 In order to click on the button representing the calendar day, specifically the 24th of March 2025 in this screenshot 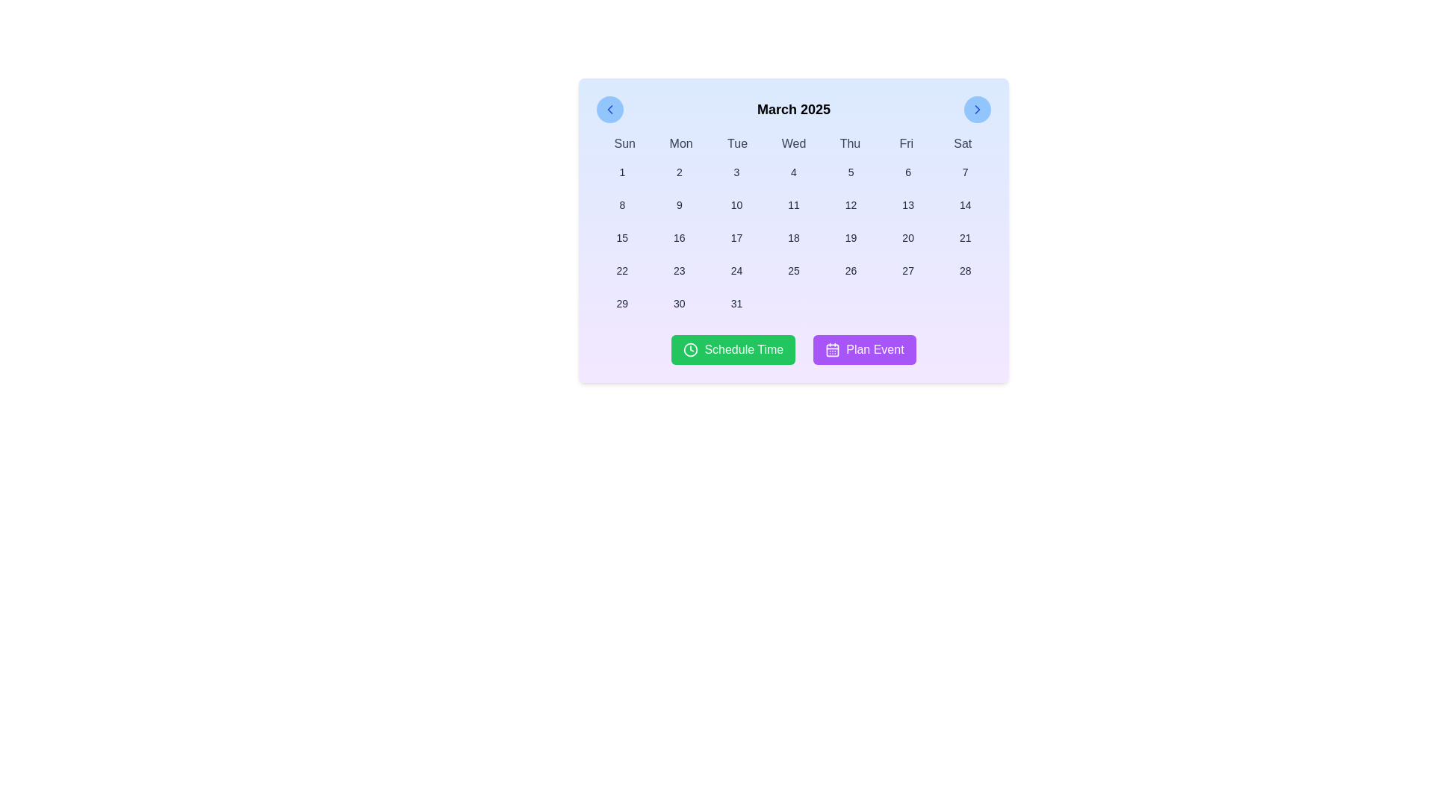, I will do `click(736, 270)`.